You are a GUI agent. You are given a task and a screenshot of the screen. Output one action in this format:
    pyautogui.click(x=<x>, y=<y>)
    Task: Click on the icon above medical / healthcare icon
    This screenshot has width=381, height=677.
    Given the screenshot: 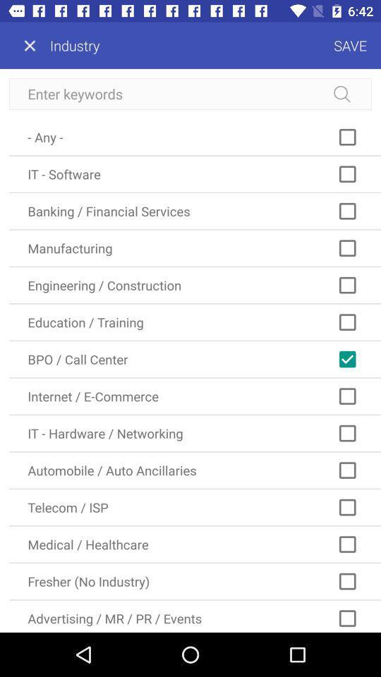 What is the action you would take?
    pyautogui.click(x=194, y=507)
    